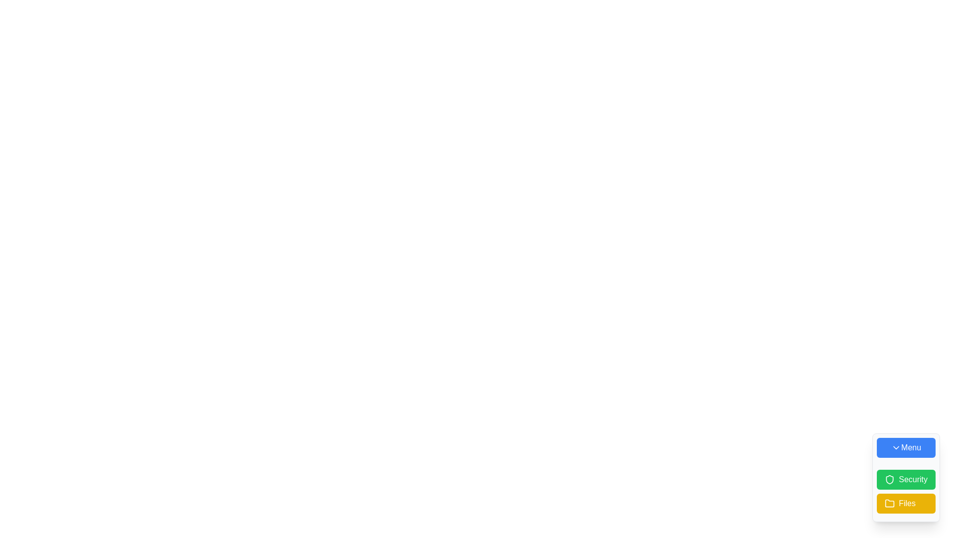 This screenshot has height=538, width=956. I want to click on the button located at the bottom of the vertical button stack, which facilitates navigation or actions related to 'Files', so click(906, 503).